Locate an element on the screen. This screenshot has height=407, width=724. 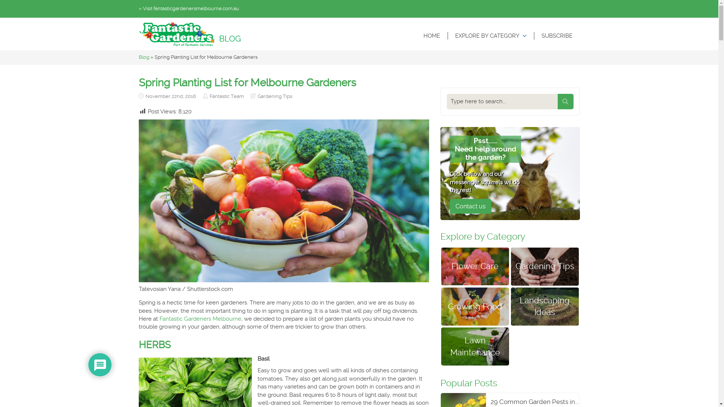
'HOME' is located at coordinates (415, 36).